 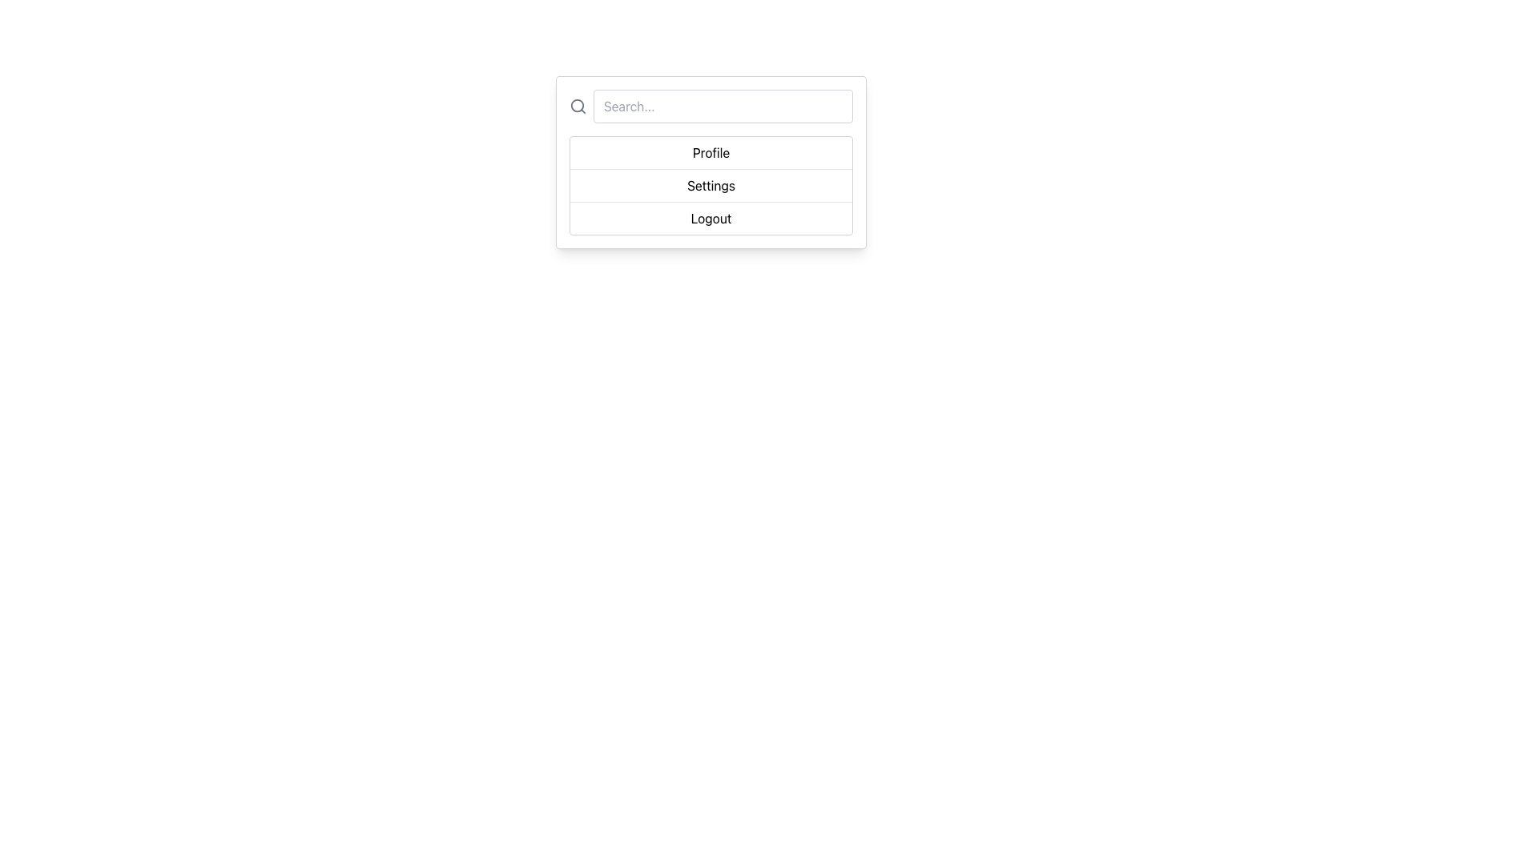 I want to click on the 'Settings' button, which is the second item in a vertical list of three options: 'Profile', 'Settings', 'Logout', so click(x=711, y=184).